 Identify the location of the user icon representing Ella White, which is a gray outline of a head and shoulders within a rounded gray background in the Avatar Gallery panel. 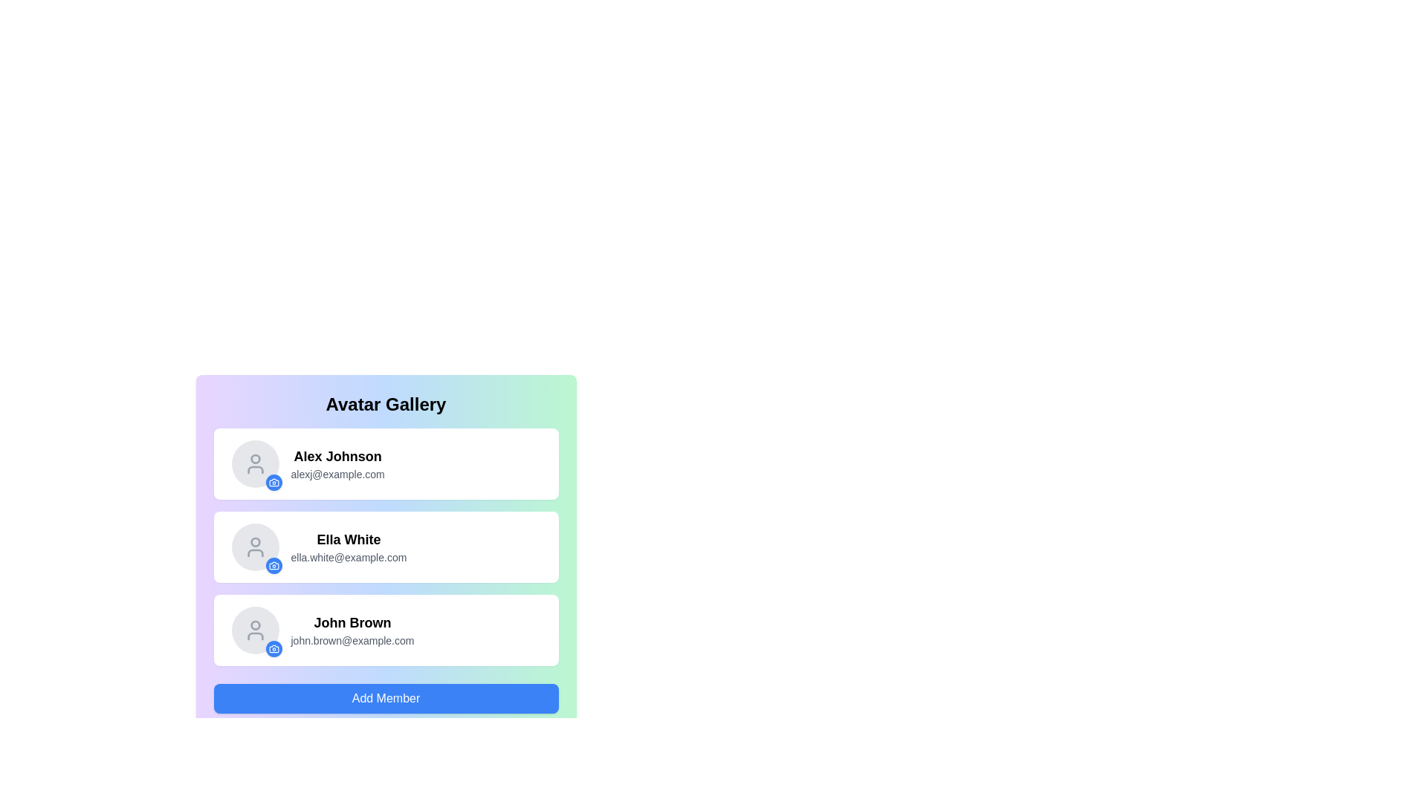
(255, 547).